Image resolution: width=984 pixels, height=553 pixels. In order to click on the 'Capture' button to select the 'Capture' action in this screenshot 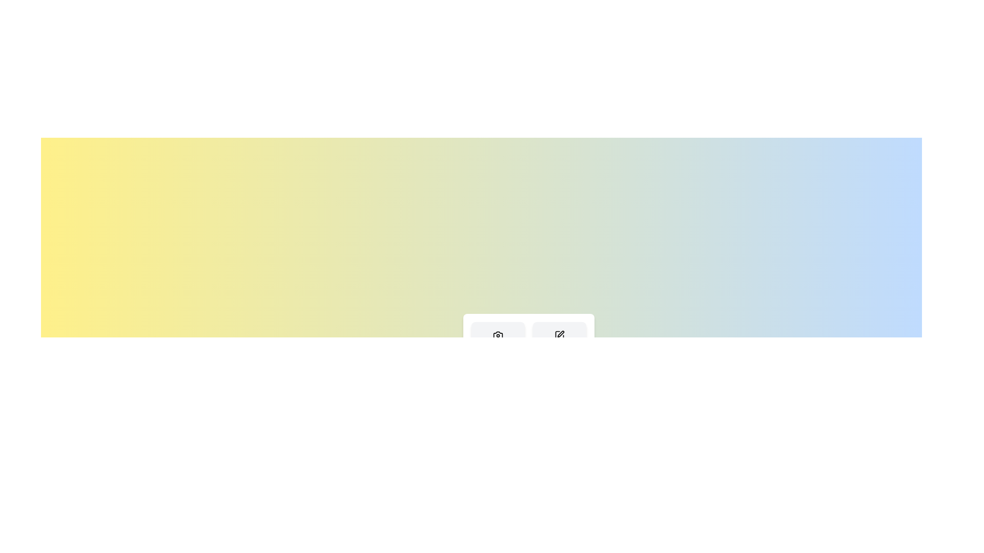, I will do `click(498, 342)`.